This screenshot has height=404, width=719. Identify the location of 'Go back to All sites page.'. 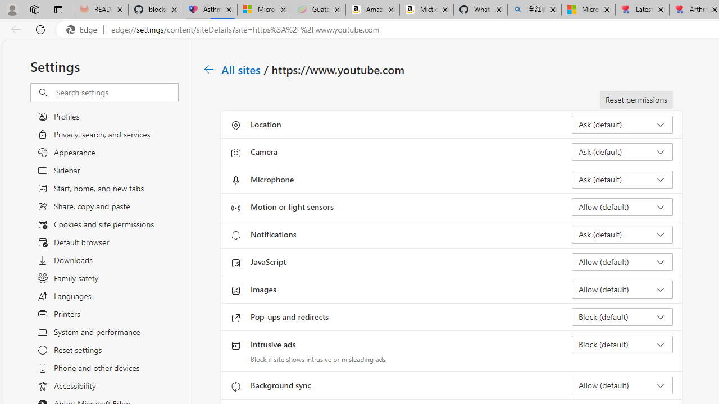
(209, 69).